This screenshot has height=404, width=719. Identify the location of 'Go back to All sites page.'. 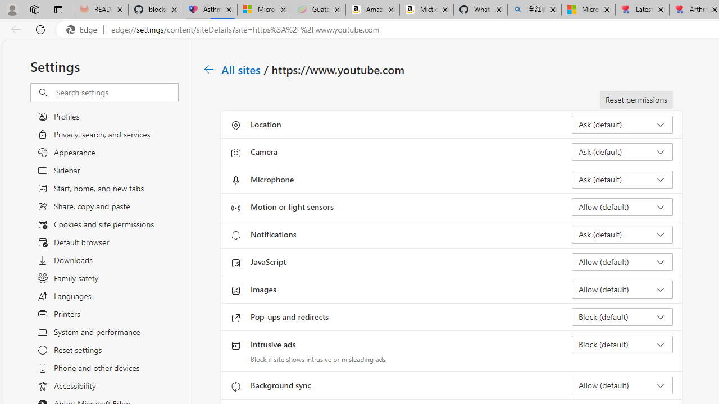
(209, 69).